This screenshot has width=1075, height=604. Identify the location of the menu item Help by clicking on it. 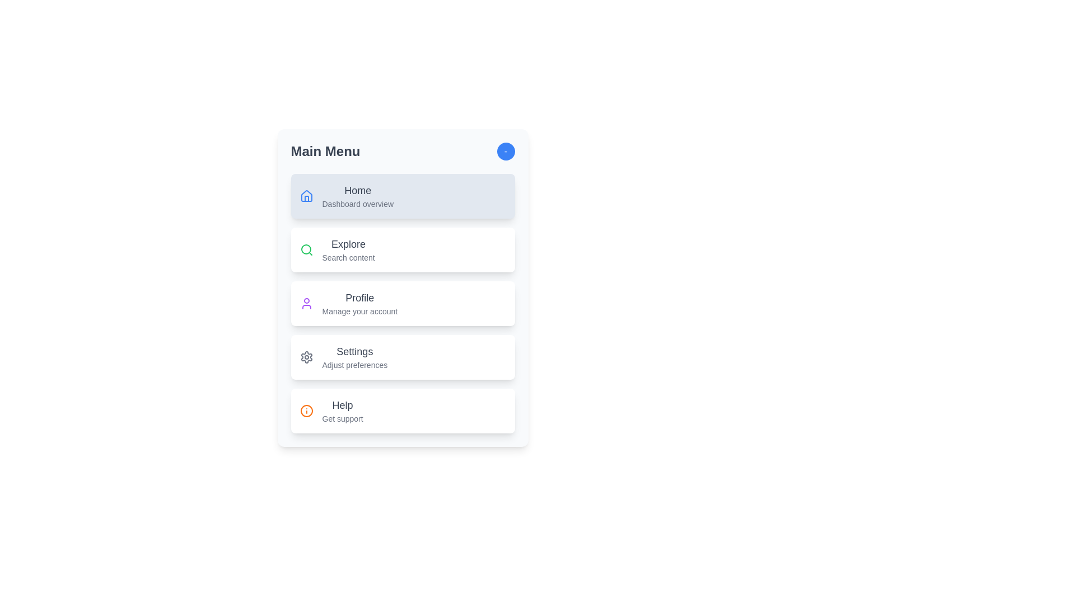
(403, 411).